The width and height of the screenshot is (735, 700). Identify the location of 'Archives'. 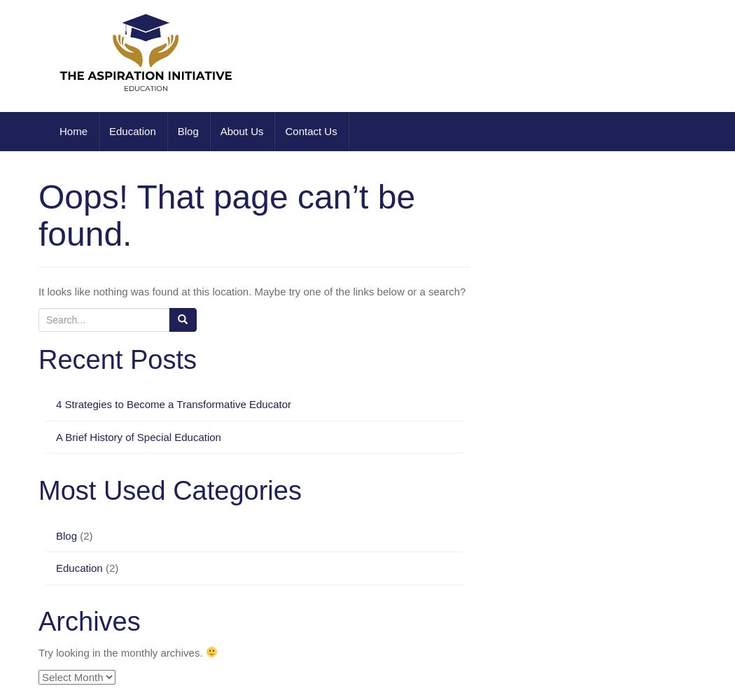
(88, 622).